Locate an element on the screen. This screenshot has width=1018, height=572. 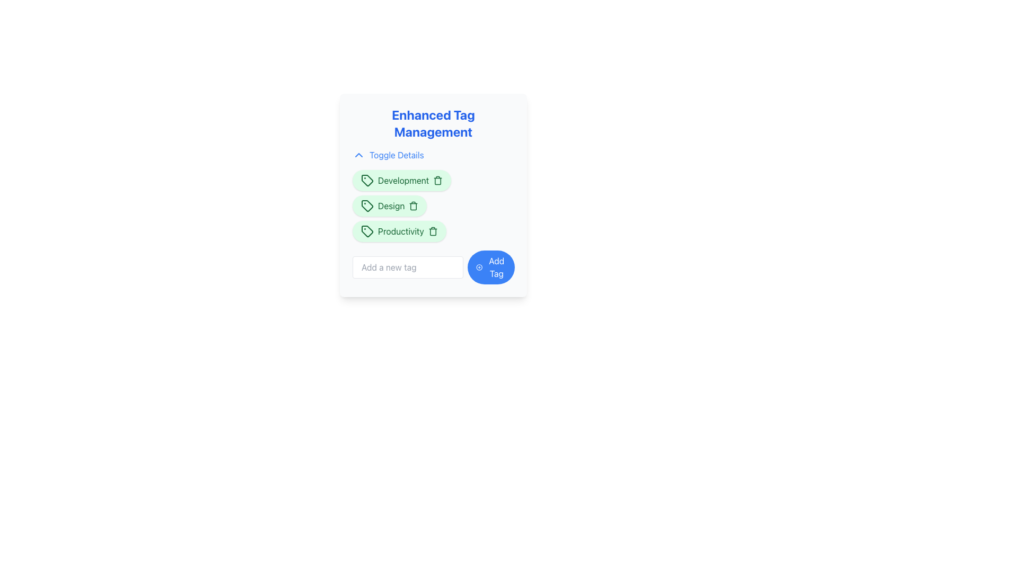
the 'Productivity' tag, which has a green background with rounded corners and is the third item in a vertical stack of tags, located below the 'Design' tag is located at coordinates (399, 230).